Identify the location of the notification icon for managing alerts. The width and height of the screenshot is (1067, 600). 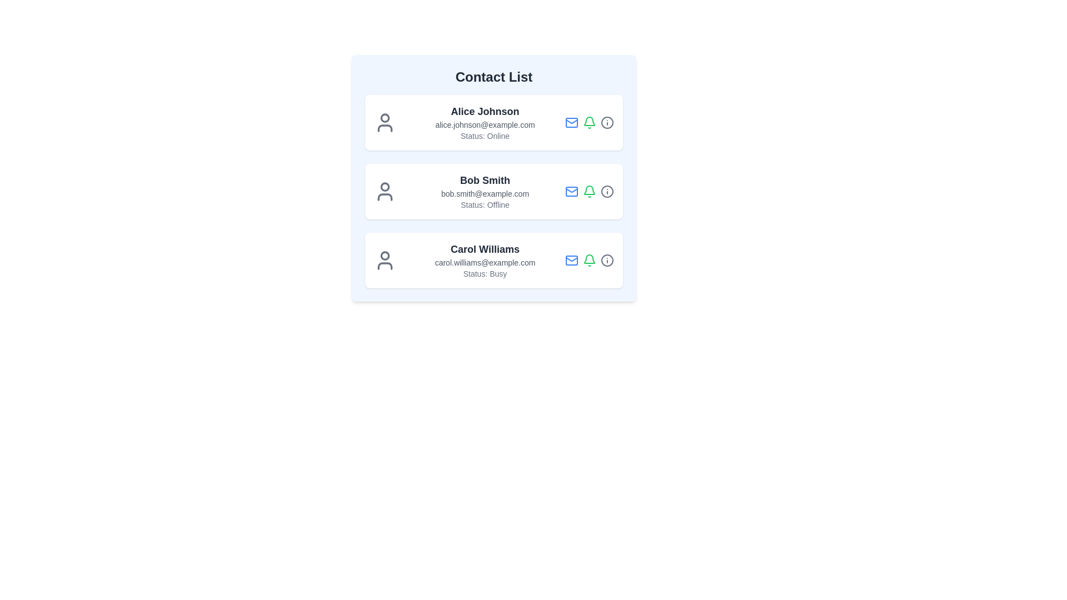
(589, 122).